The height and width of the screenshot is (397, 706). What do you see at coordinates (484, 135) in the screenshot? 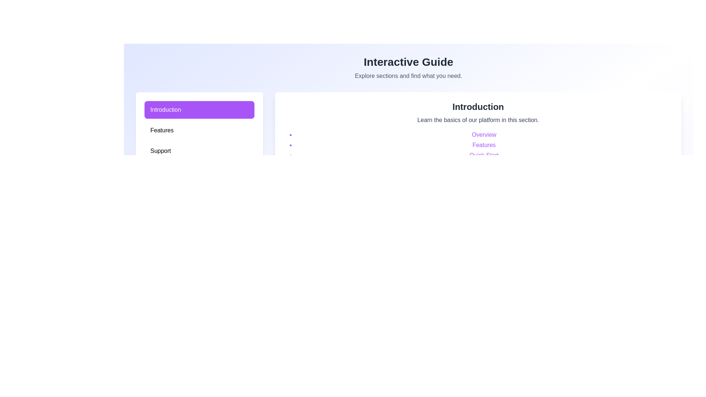
I see `the 'Overview' text label, which is the first item in the list under the 'Introduction' heading` at bounding box center [484, 135].